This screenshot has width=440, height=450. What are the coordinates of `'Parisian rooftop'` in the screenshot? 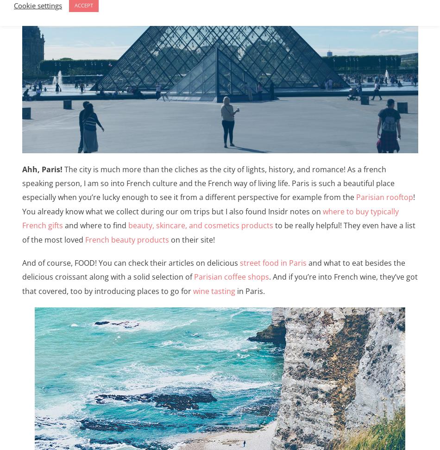 It's located at (355, 197).